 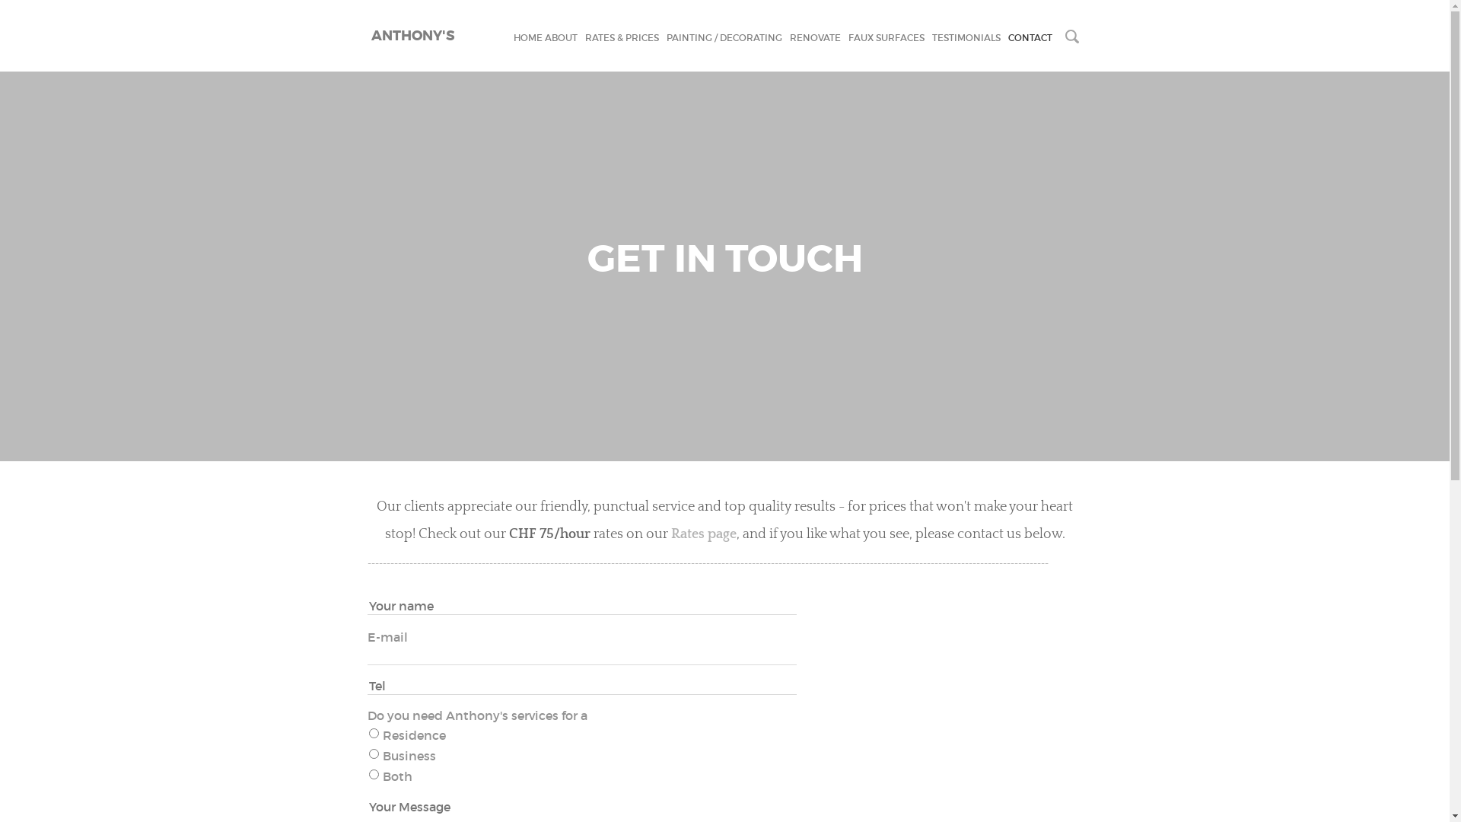 I want to click on 'TESTIMONIALS', so click(x=964, y=37).